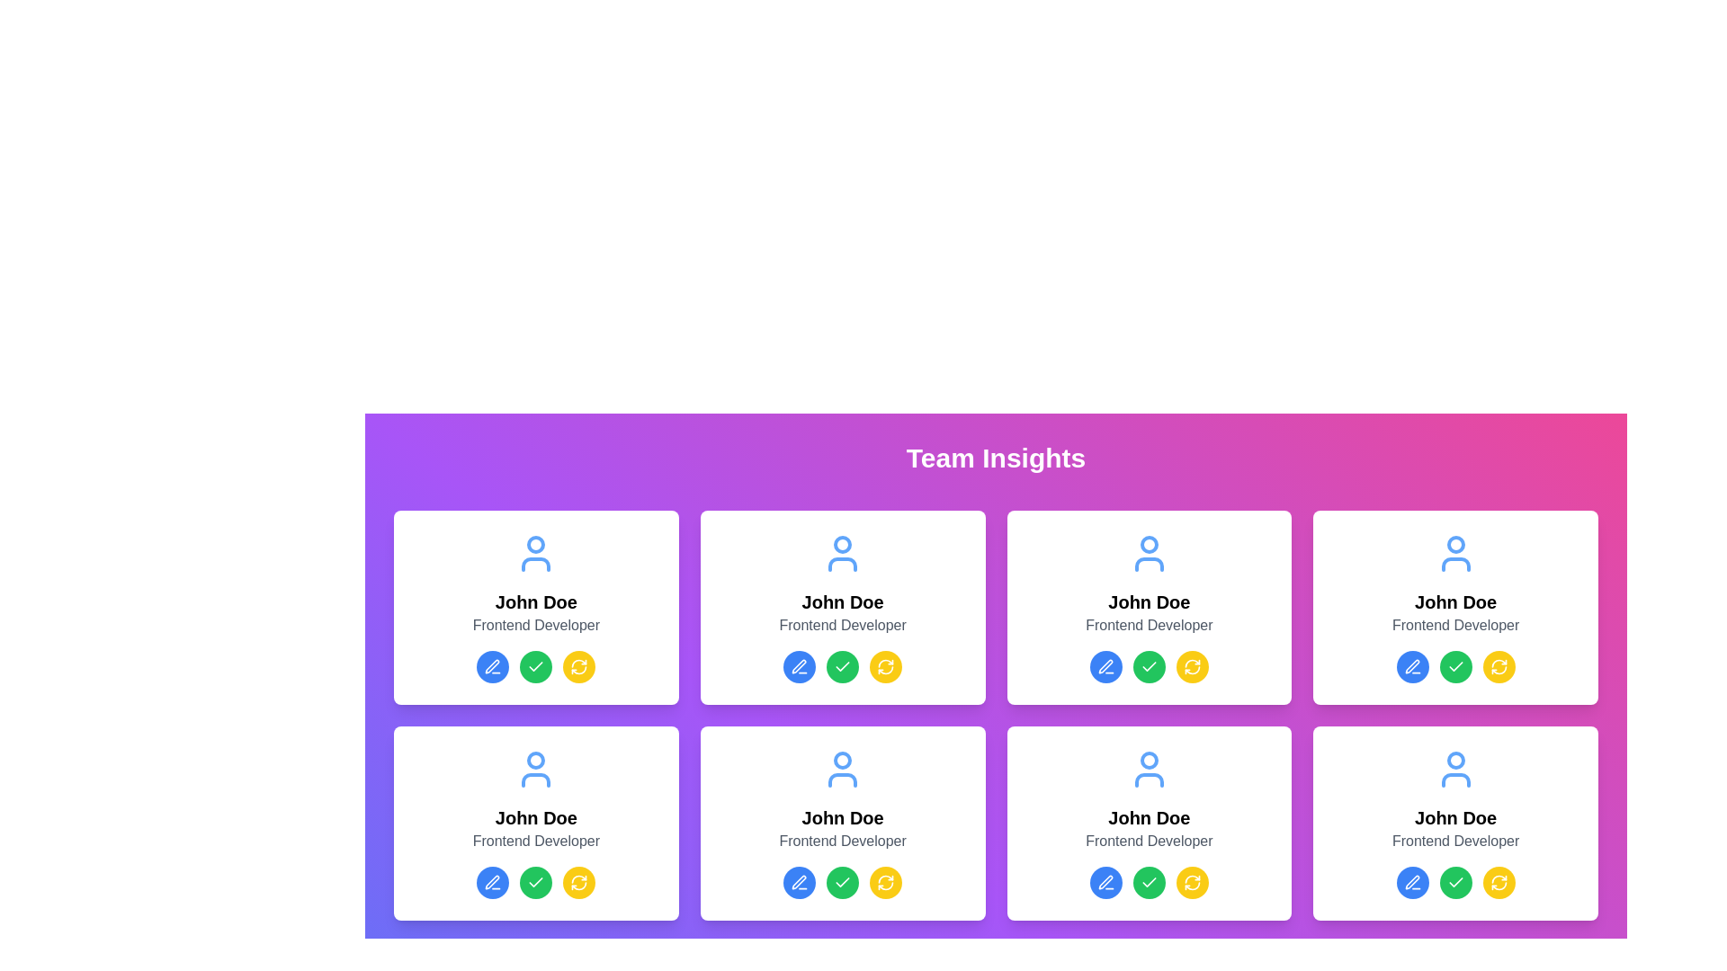  Describe the element at coordinates (1192, 664) in the screenshot. I see `the curved line forming part of a refresh icon within the top-right section of the user card component` at that location.